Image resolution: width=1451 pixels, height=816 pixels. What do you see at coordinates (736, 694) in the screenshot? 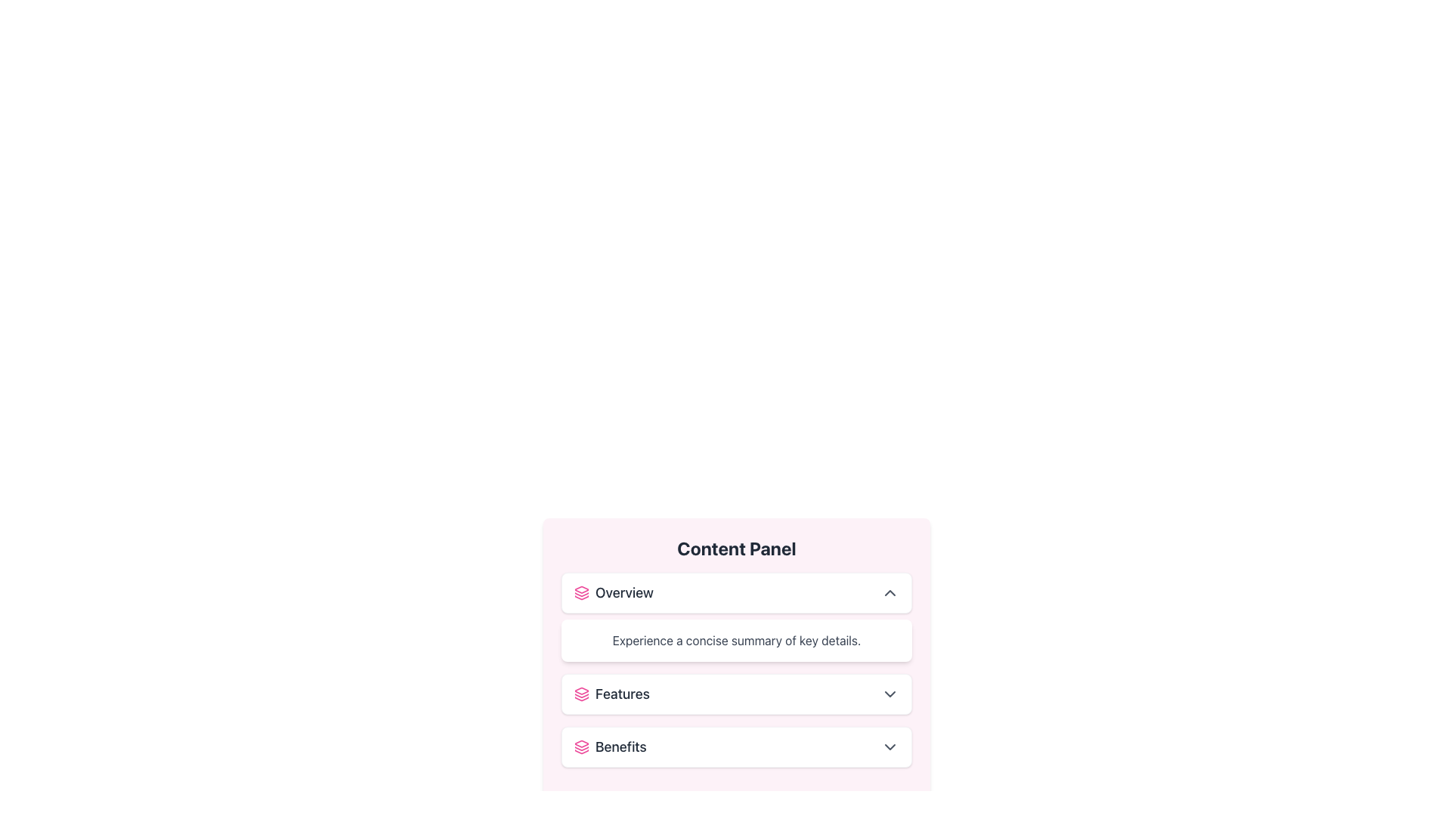
I see `the 'Features' button with a white background and rounded corners` at bounding box center [736, 694].